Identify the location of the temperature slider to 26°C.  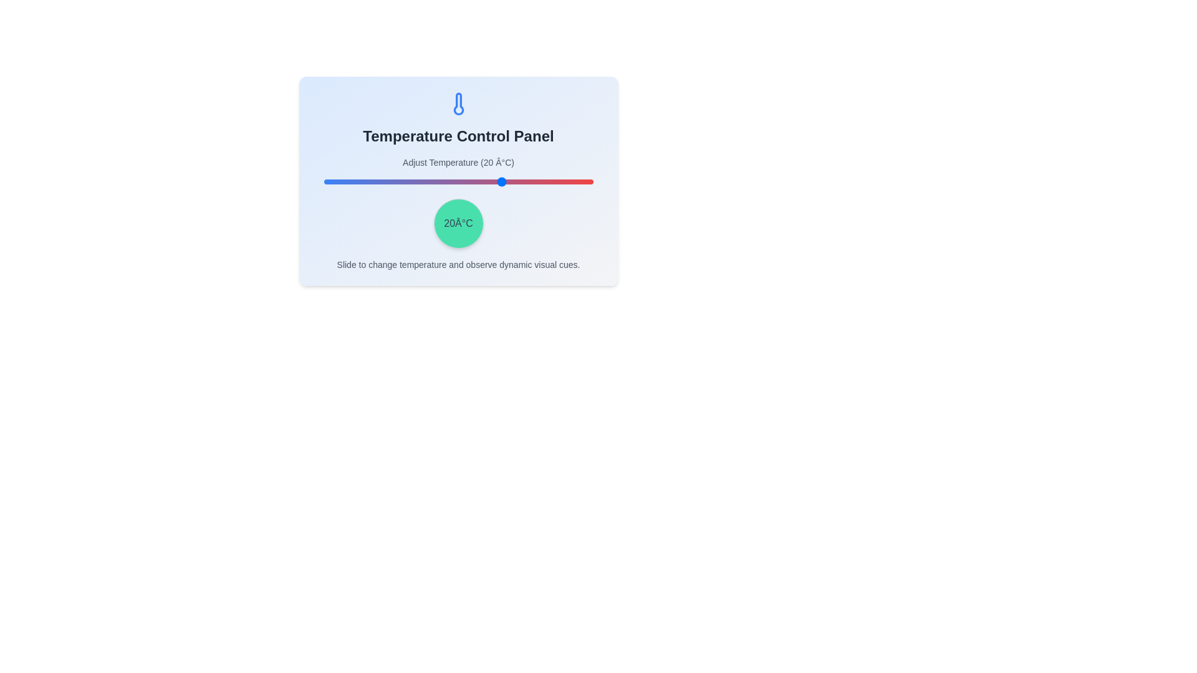
(521, 182).